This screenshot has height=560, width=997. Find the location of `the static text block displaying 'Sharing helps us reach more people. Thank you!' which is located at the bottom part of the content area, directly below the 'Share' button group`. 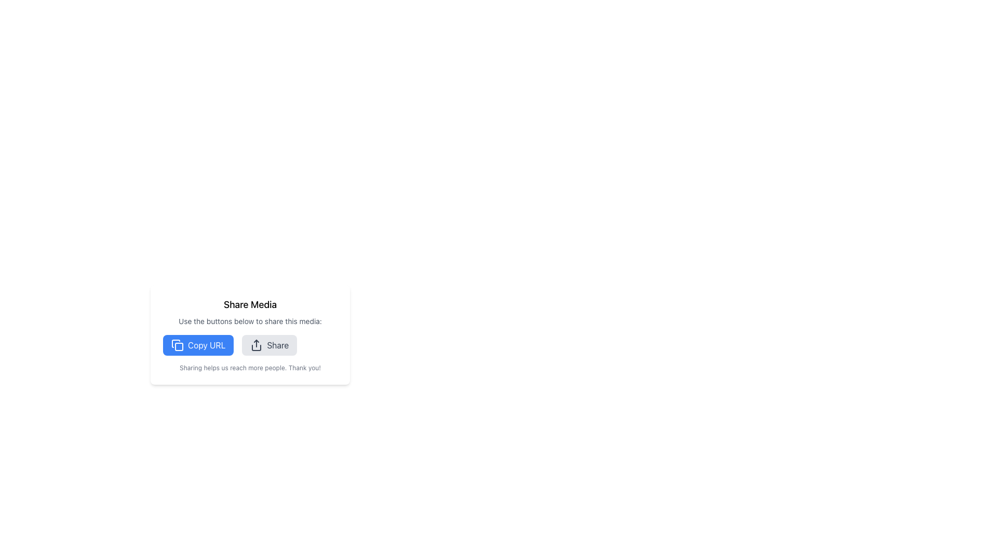

the static text block displaying 'Sharing helps us reach more people. Thank you!' which is located at the bottom part of the content area, directly below the 'Share' button group is located at coordinates (250, 367).